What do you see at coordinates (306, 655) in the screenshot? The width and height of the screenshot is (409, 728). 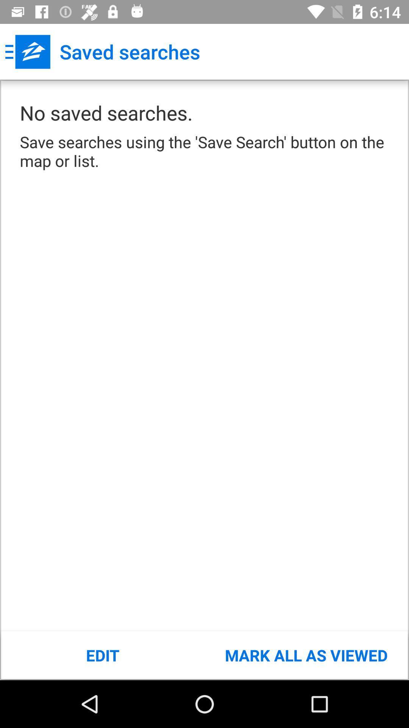 I see `mark all as item` at bounding box center [306, 655].